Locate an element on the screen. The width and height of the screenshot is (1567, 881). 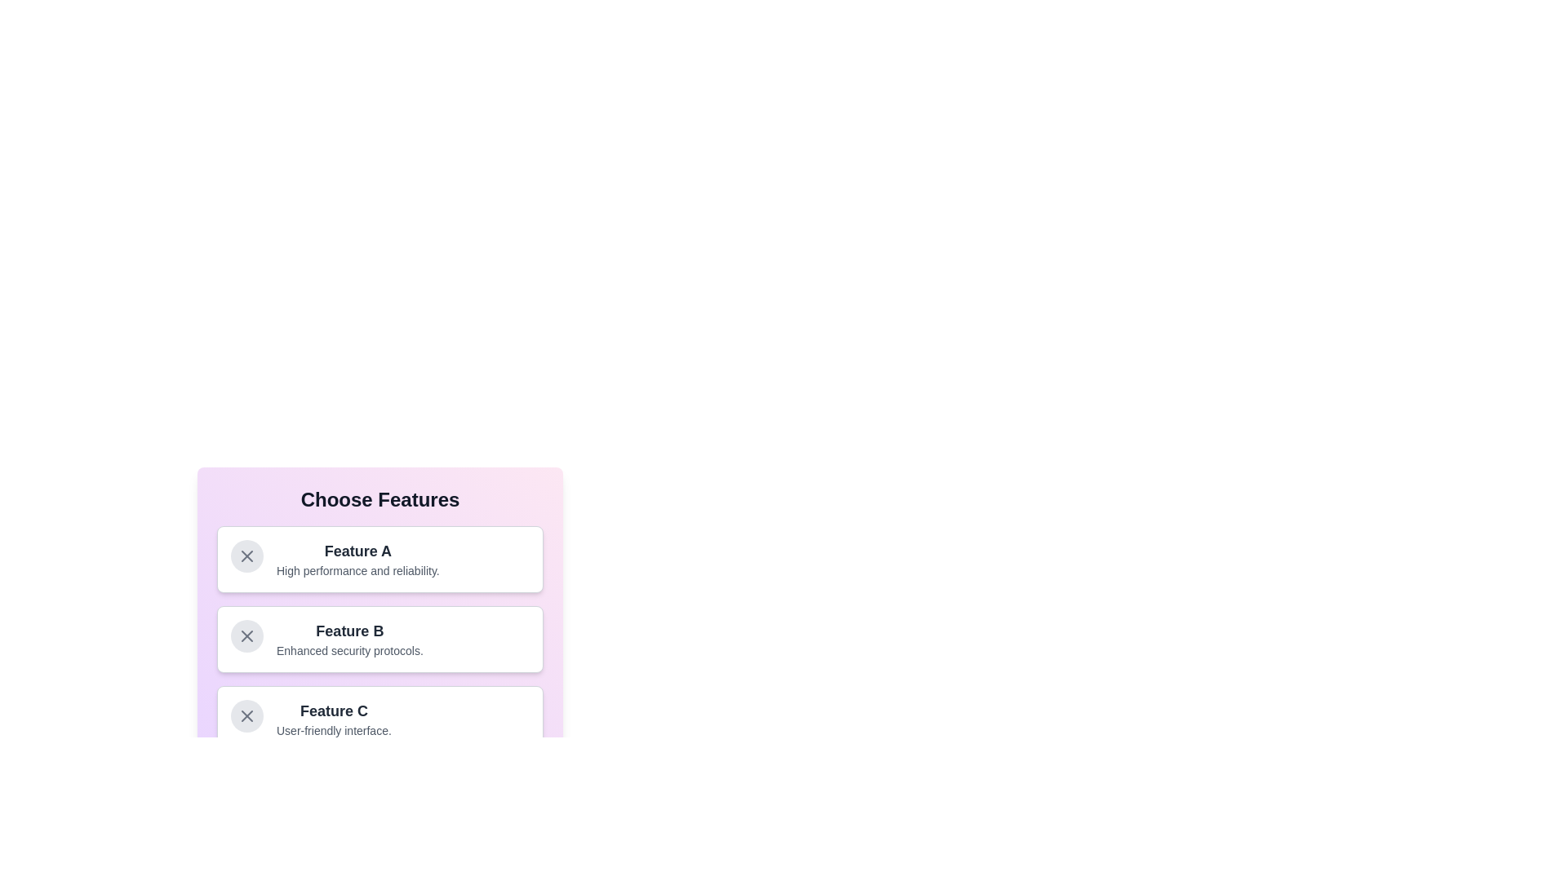
the text label identifying 'Feature B' located in the second row of a stacked card arrangement under the title 'Choose Features', positioned above the descriptive text 'Enhanced security protocols.' and below the 'Feature A' card is located at coordinates (348, 631).